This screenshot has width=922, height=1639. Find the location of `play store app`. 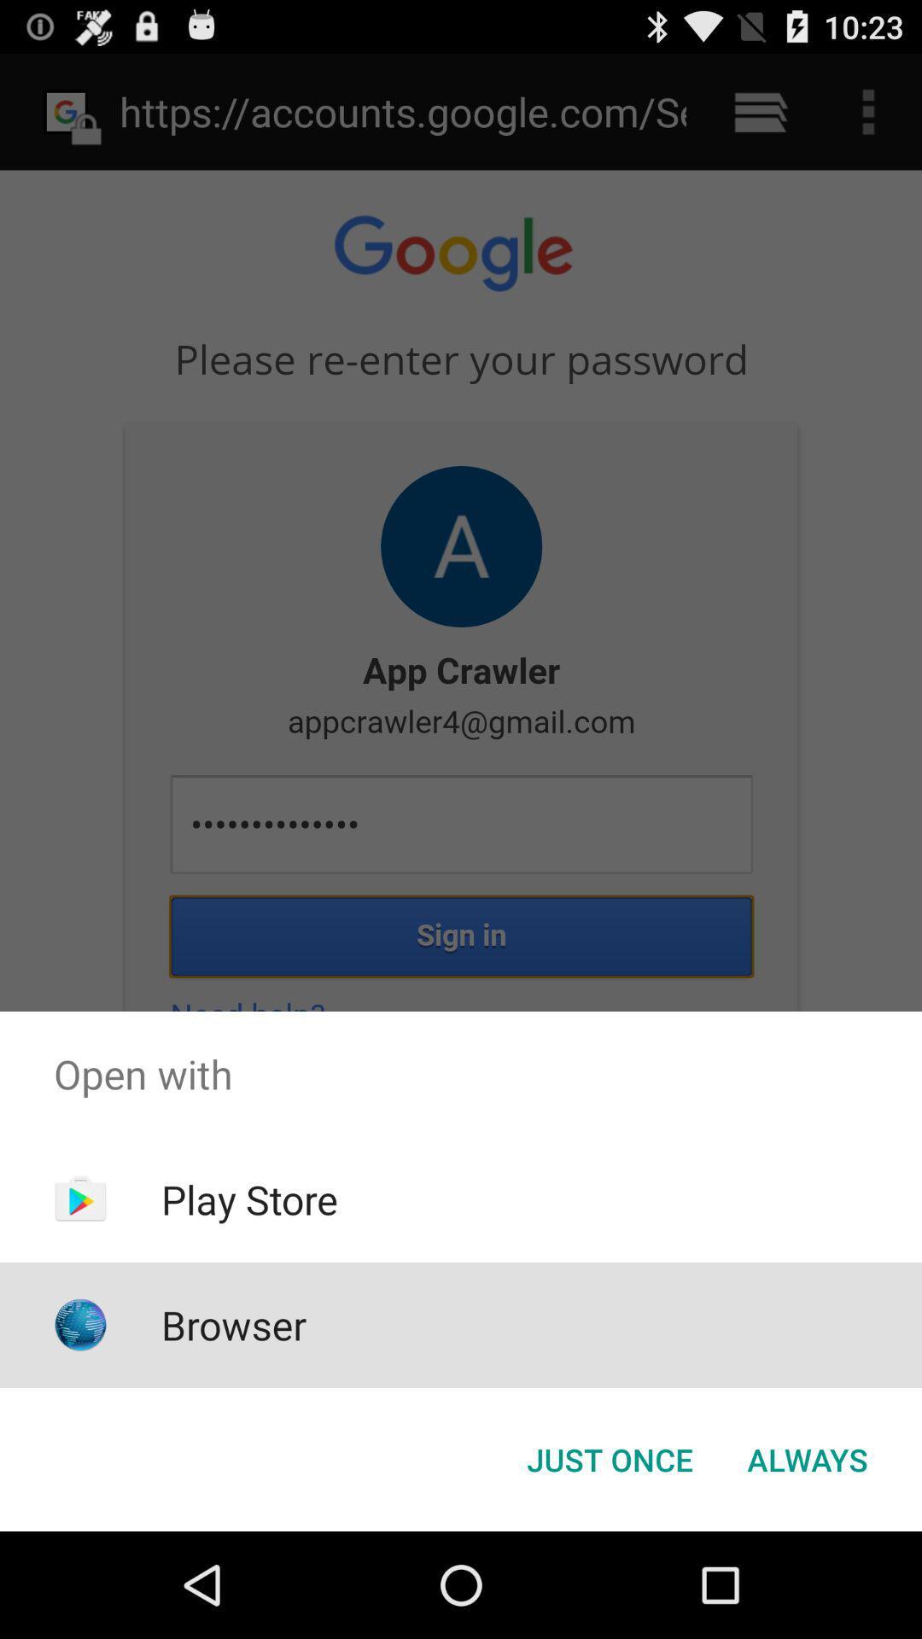

play store app is located at coordinates (249, 1199).